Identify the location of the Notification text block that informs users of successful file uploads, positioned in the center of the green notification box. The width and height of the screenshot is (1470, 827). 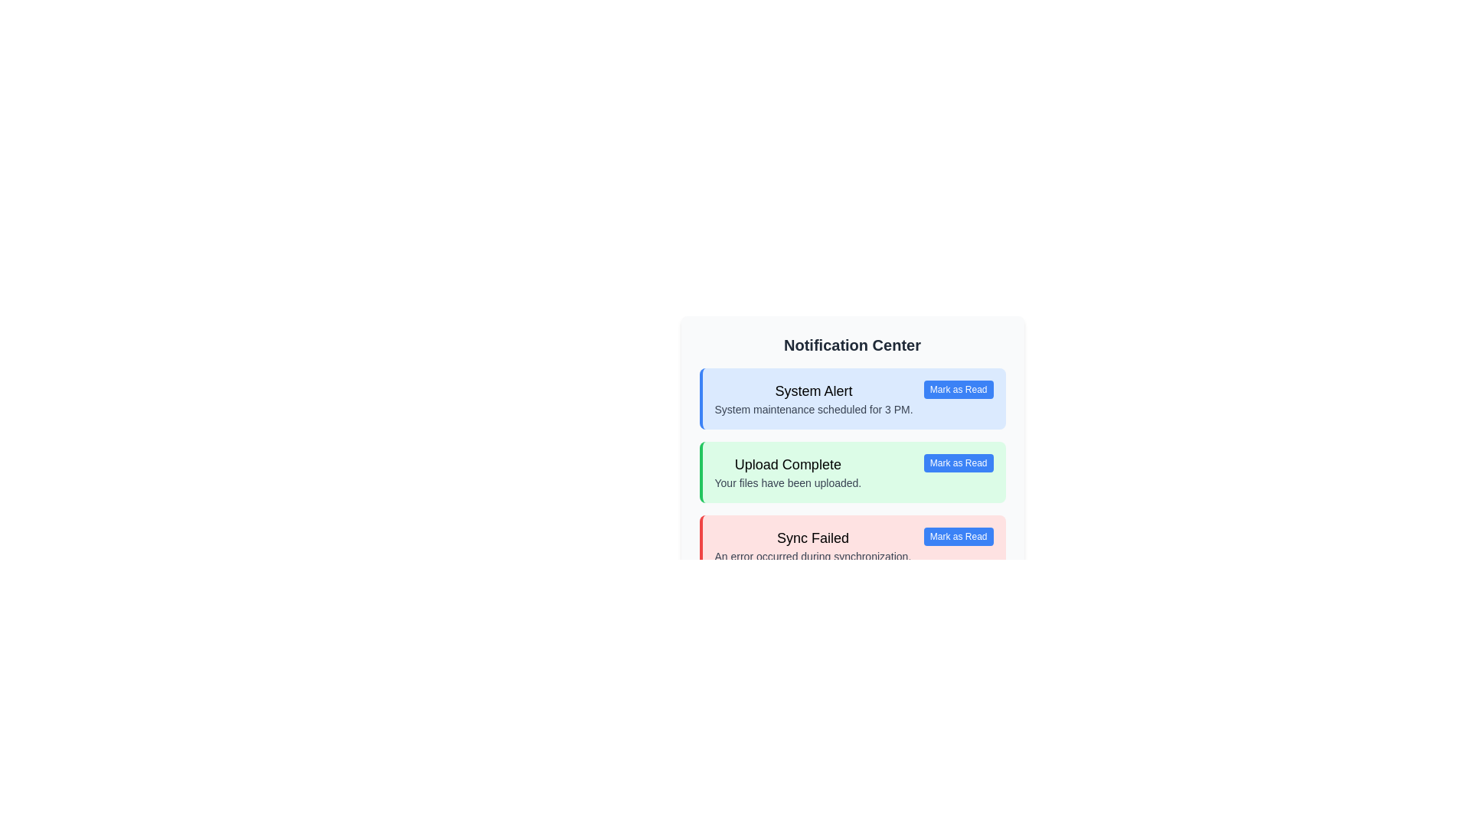
(788, 472).